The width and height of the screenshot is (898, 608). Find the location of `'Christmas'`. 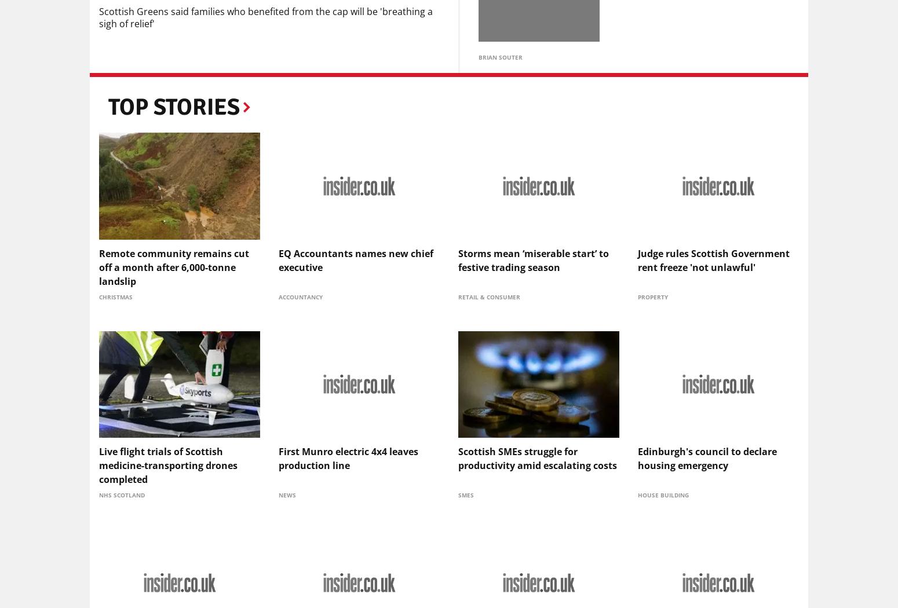

'Christmas' is located at coordinates (115, 295).